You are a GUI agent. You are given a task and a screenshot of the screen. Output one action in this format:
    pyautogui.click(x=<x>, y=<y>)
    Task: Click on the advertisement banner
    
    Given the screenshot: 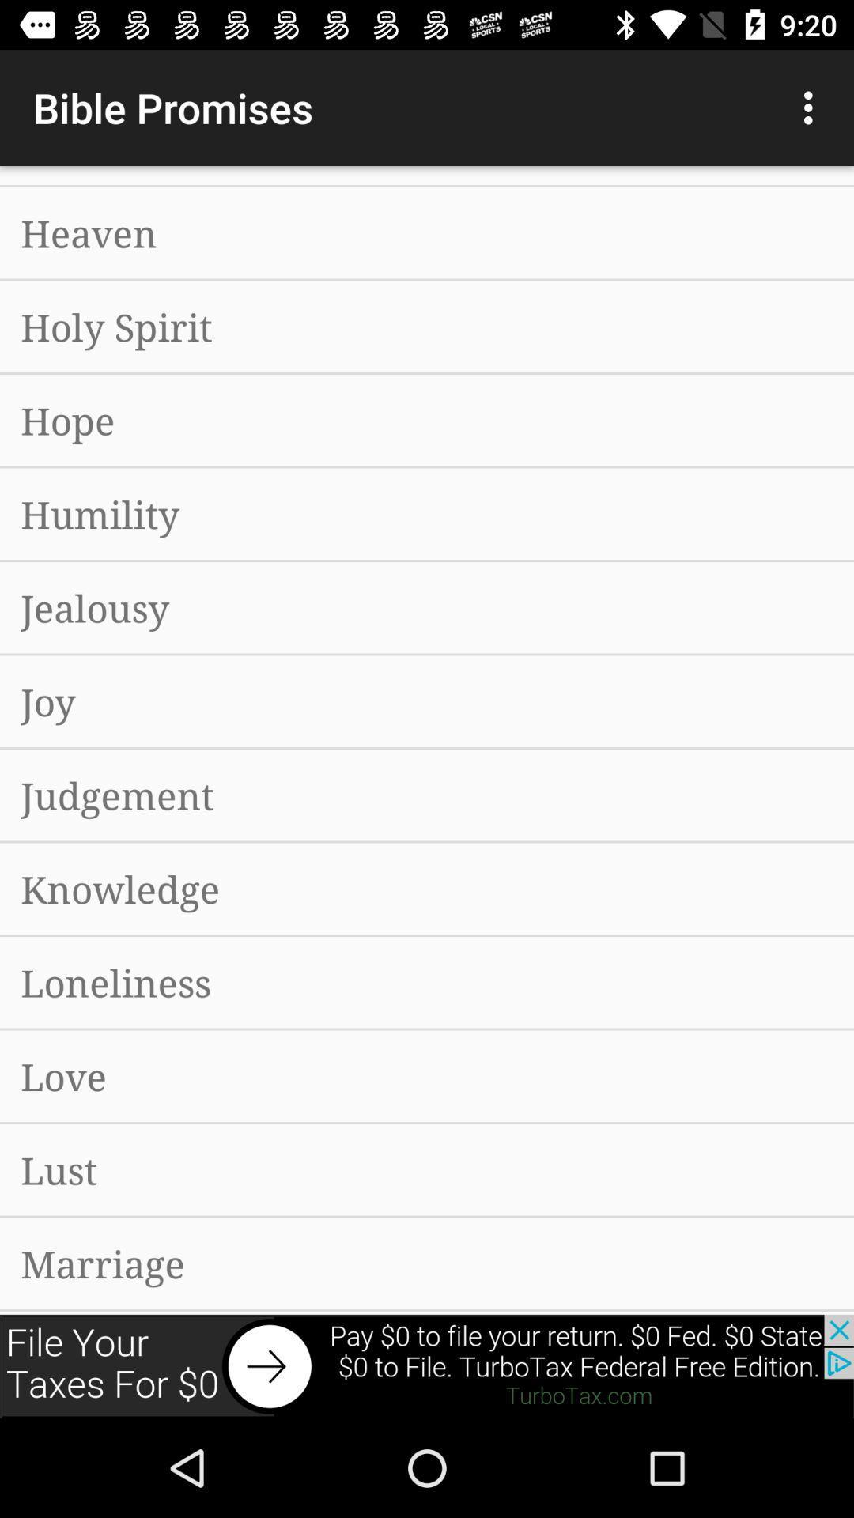 What is the action you would take?
    pyautogui.click(x=427, y=1365)
    